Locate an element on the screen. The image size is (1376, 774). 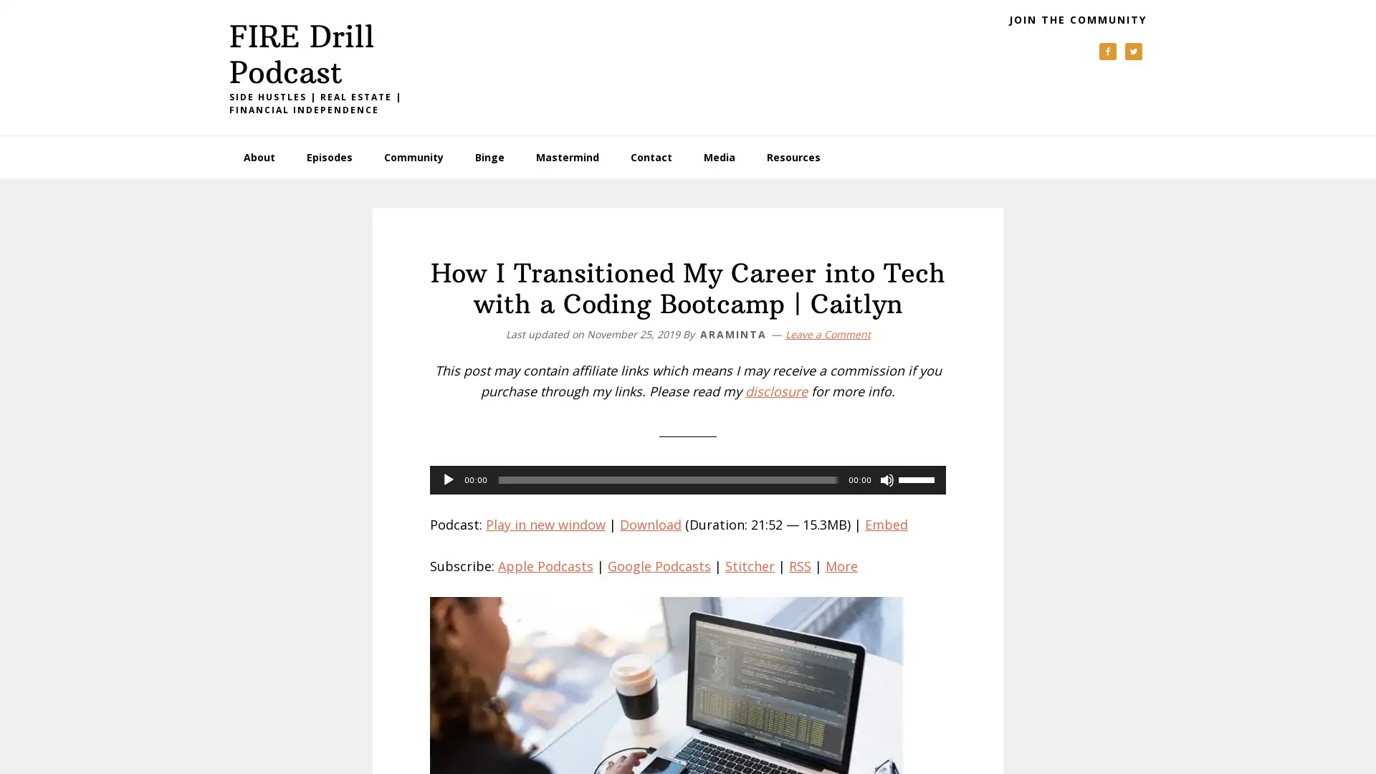
Play is located at coordinates (447, 480).